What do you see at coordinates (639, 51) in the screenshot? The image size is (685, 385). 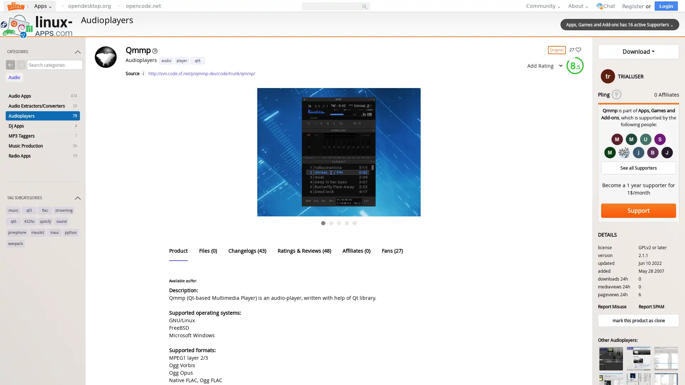 I see `Download` at bounding box center [639, 51].